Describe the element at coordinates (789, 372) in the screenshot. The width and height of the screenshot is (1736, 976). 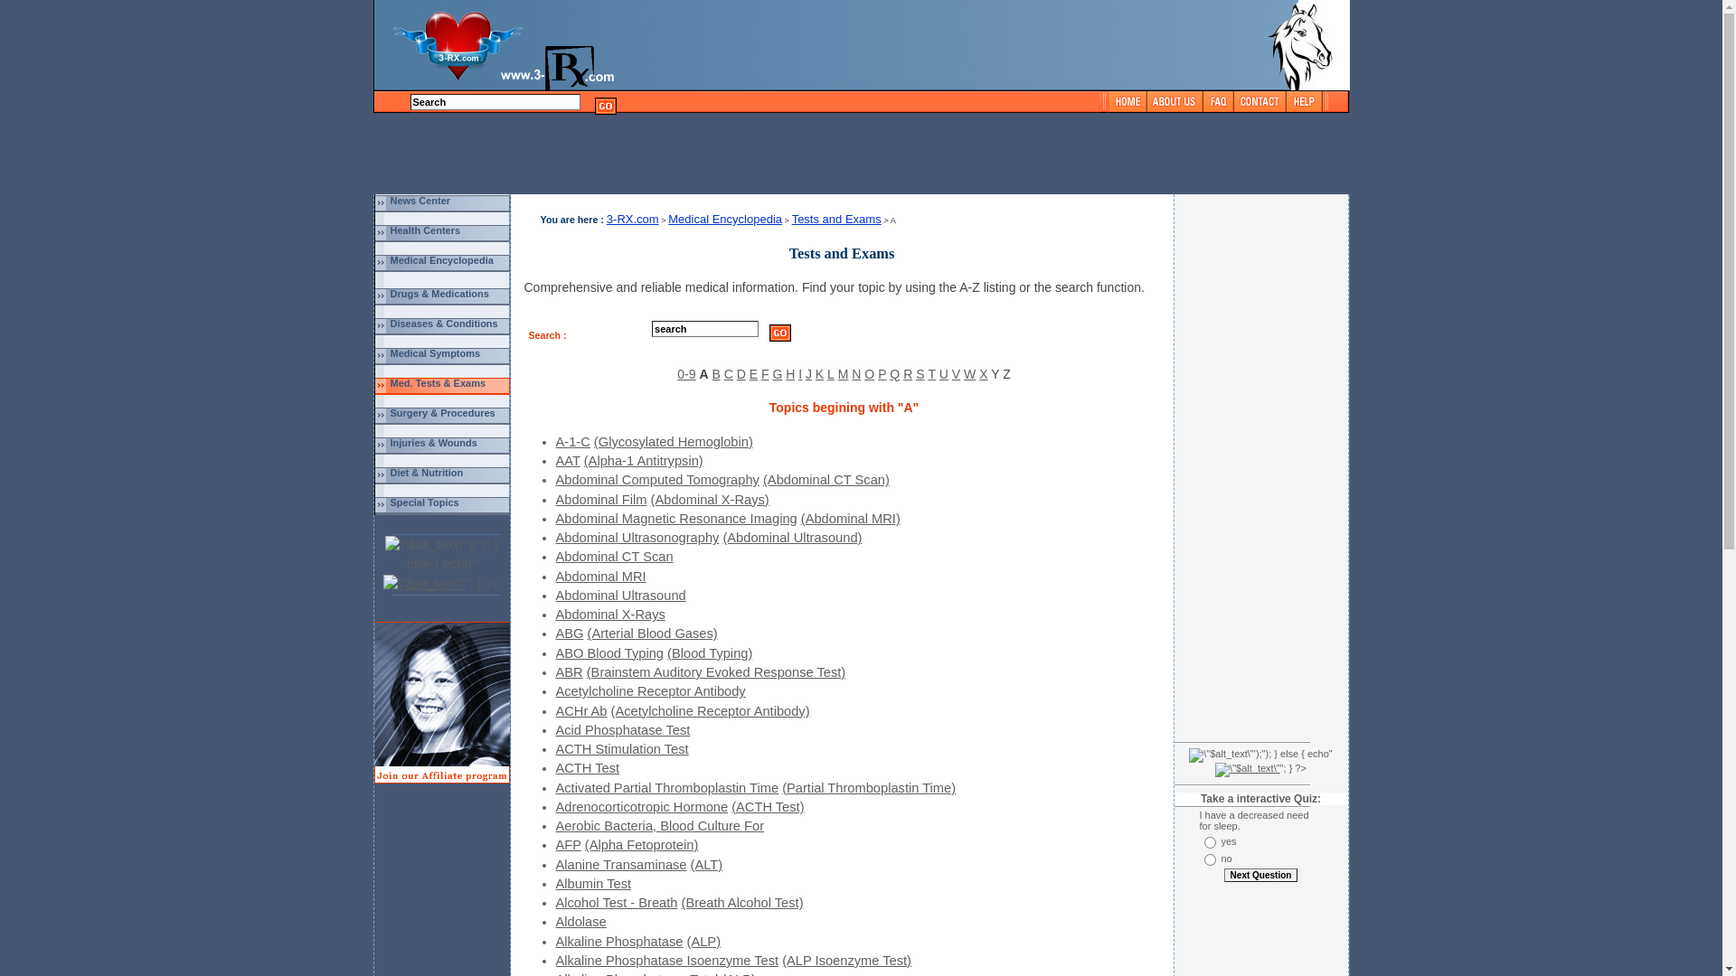
I see `'H'` at that location.